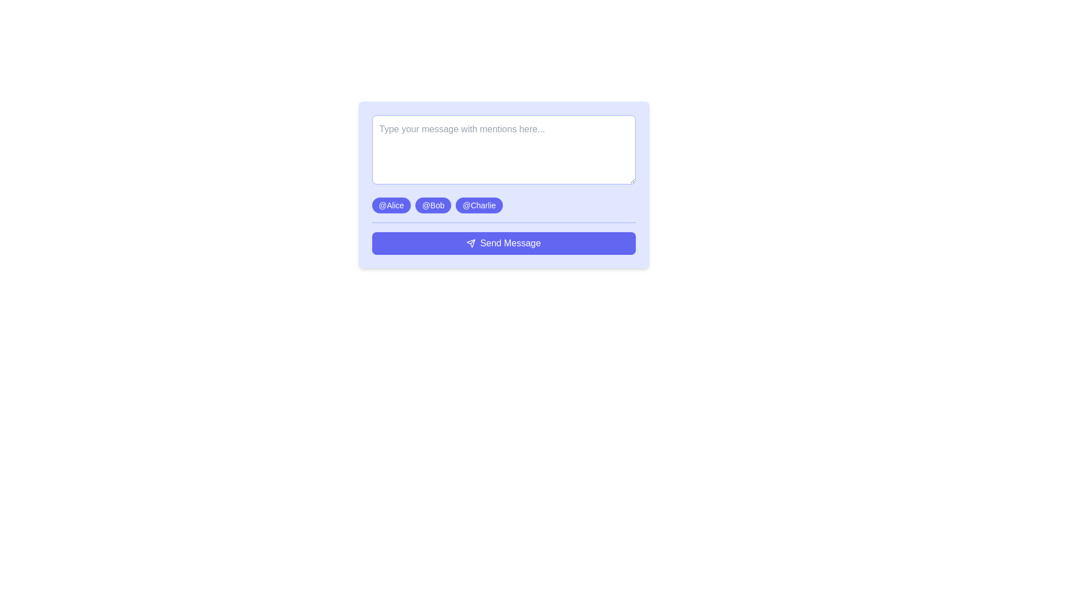  What do you see at coordinates (471, 242) in the screenshot?
I see `the triangular-shaped send icon located within the 'Send Message' button, which appears as a line drawing resembling a paper plane` at bounding box center [471, 242].